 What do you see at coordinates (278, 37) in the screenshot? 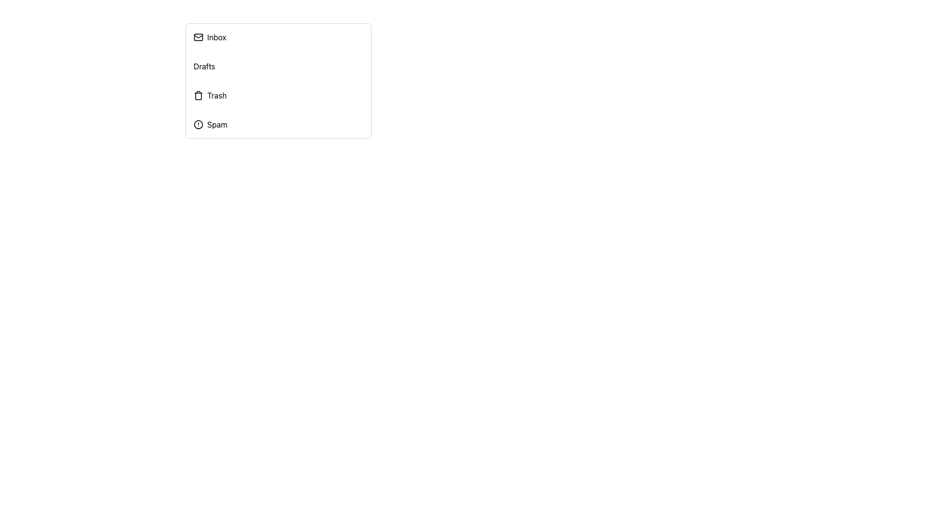
I see `the Inbox navigation button located at the top of the vertical menu list to unveil hover effects` at bounding box center [278, 37].